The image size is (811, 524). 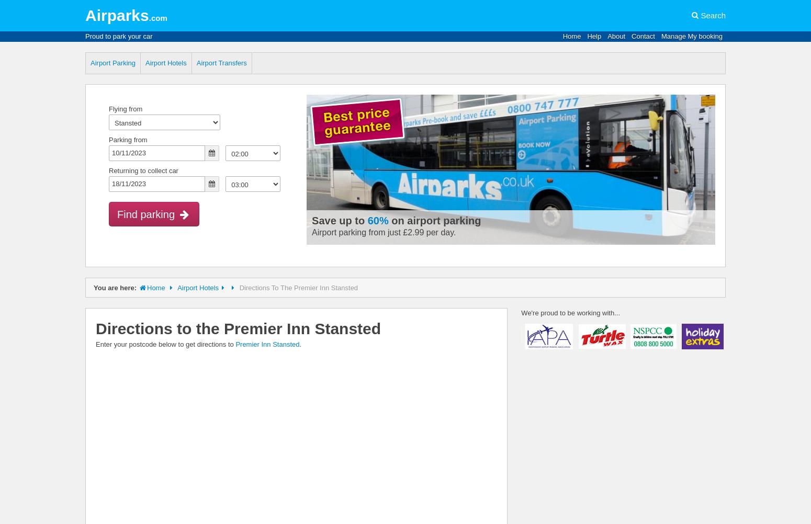 I want to click on 'Returning to collect car', so click(x=108, y=170).